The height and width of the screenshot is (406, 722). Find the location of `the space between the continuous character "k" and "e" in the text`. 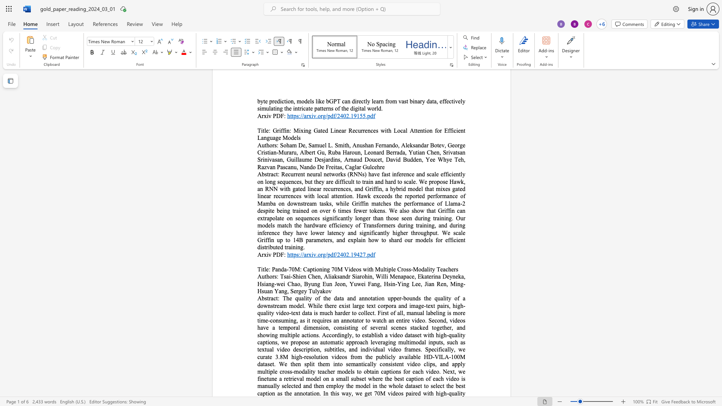

the space between the continuous character "k" and "e" in the text is located at coordinates (422, 327).